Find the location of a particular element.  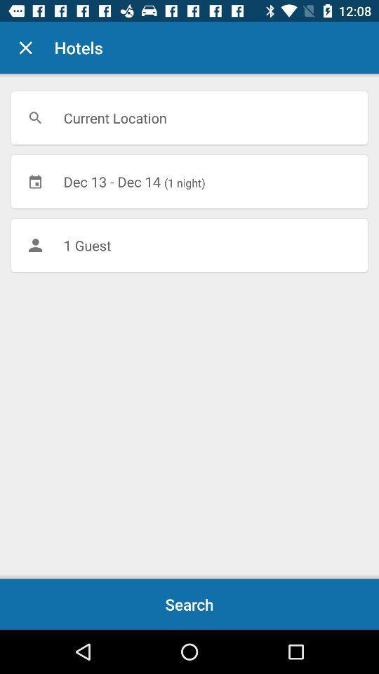

the dec 13 dec icon is located at coordinates (189, 180).